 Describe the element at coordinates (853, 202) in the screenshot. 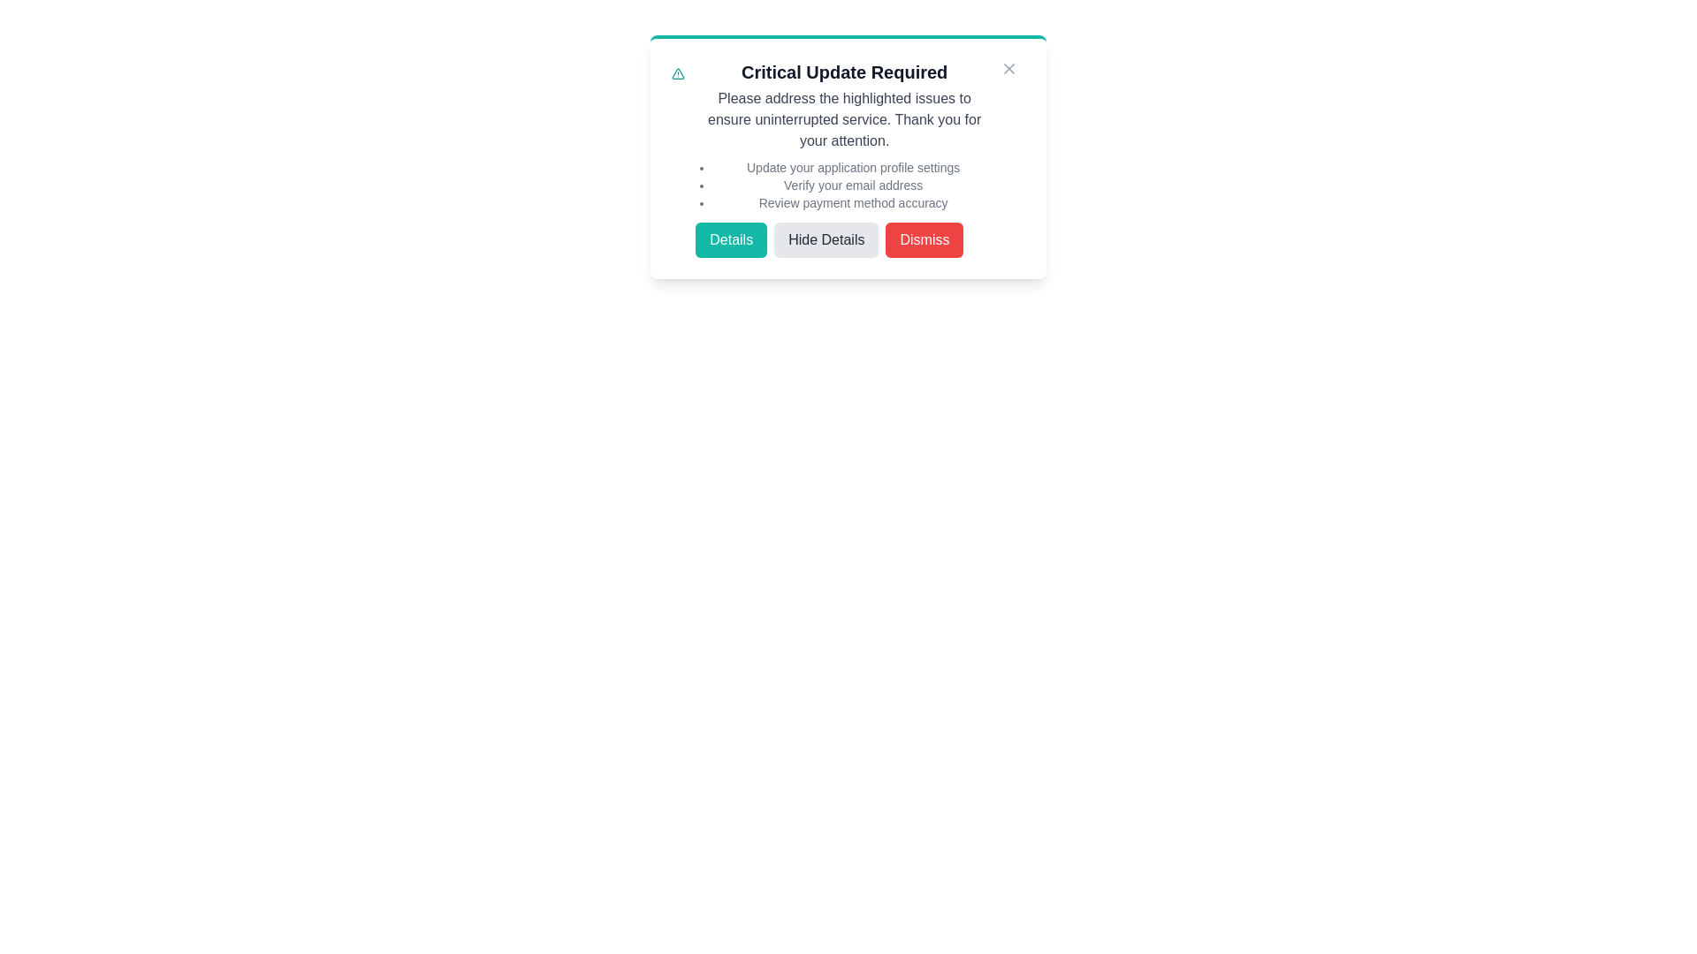

I see `the text label that instructs users to review payment method accuracy, which is the third item in the task list of the pop-up card` at that location.